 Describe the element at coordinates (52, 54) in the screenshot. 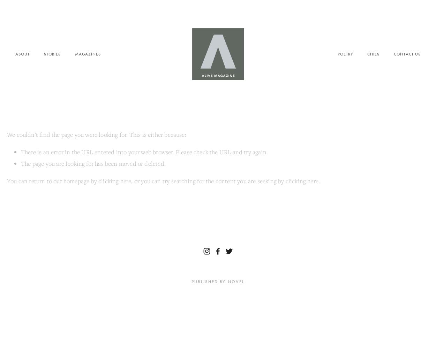

I see `'Stories'` at that location.